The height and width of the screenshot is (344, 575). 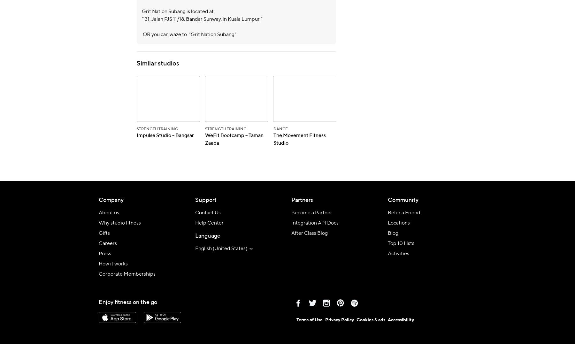 I want to click on 'About us', so click(x=98, y=212).